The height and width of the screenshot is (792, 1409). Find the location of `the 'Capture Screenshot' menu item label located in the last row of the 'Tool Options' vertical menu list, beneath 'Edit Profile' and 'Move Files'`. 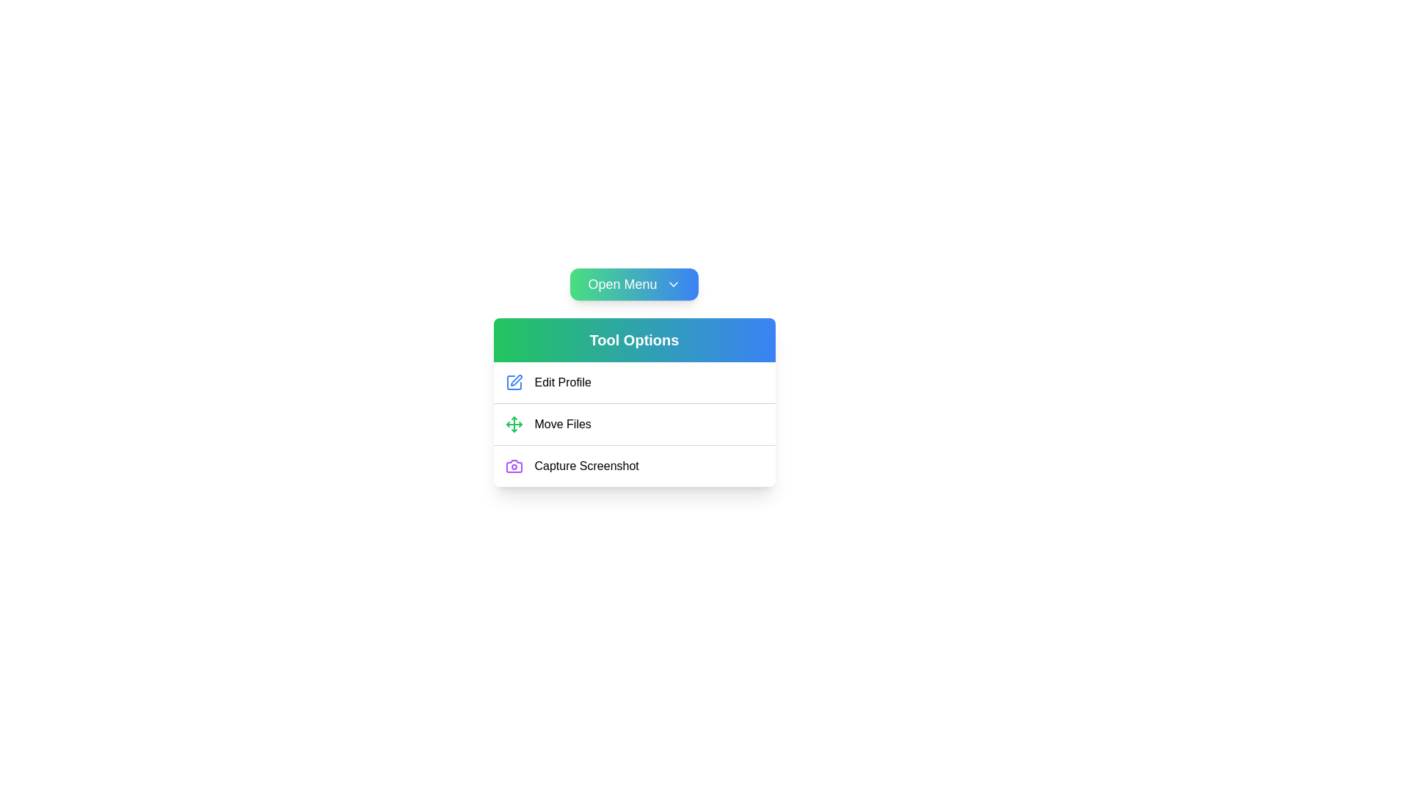

the 'Capture Screenshot' menu item label located in the last row of the 'Tool Options' vertical menu list, beneath 'Edit Profile' and 'Move Files' is located at coordinates (586, 466).